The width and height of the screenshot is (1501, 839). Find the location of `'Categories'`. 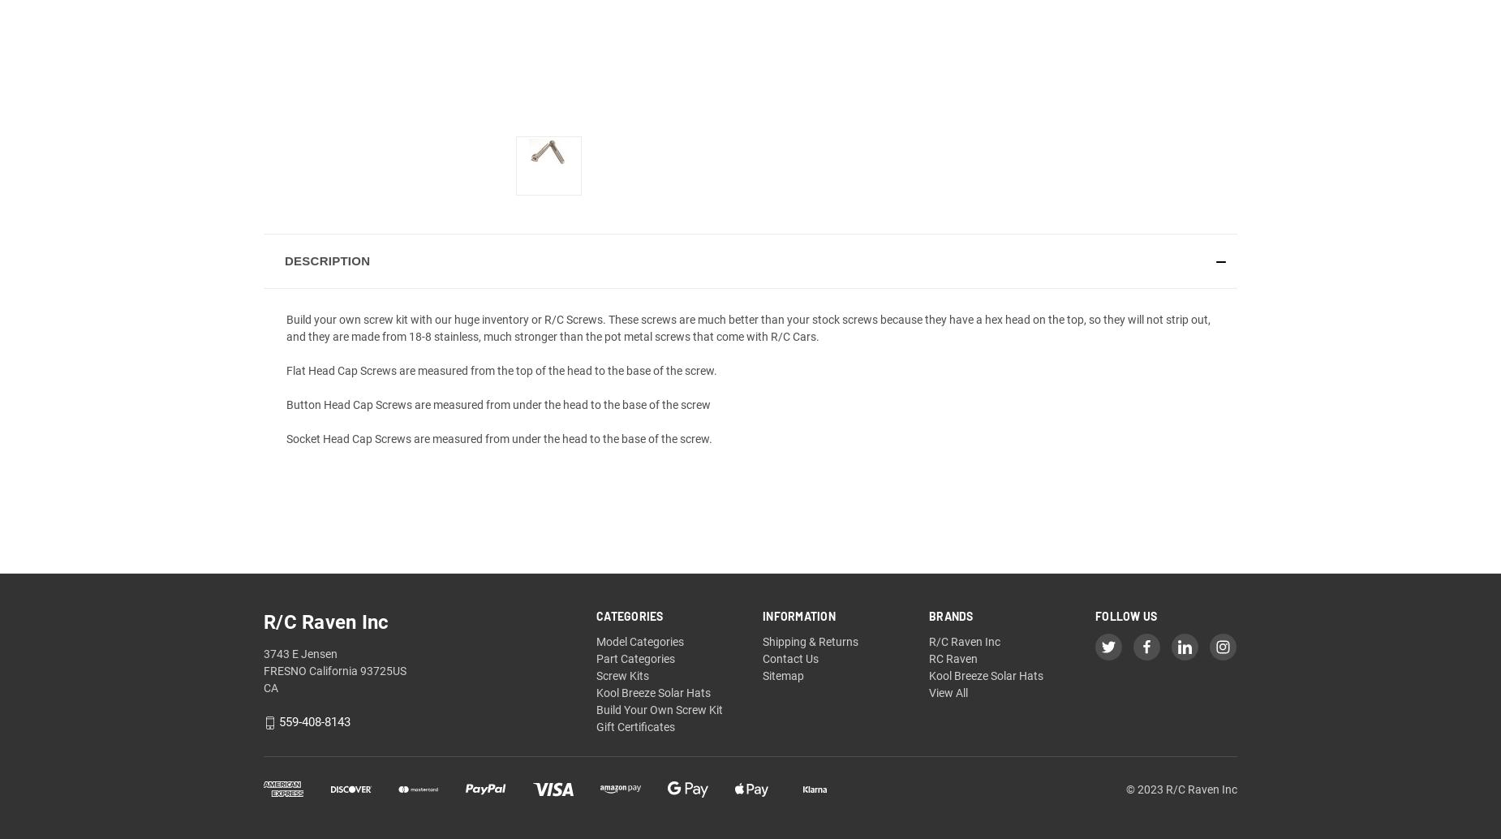

'Categories' is located at coordinates (630, 616).